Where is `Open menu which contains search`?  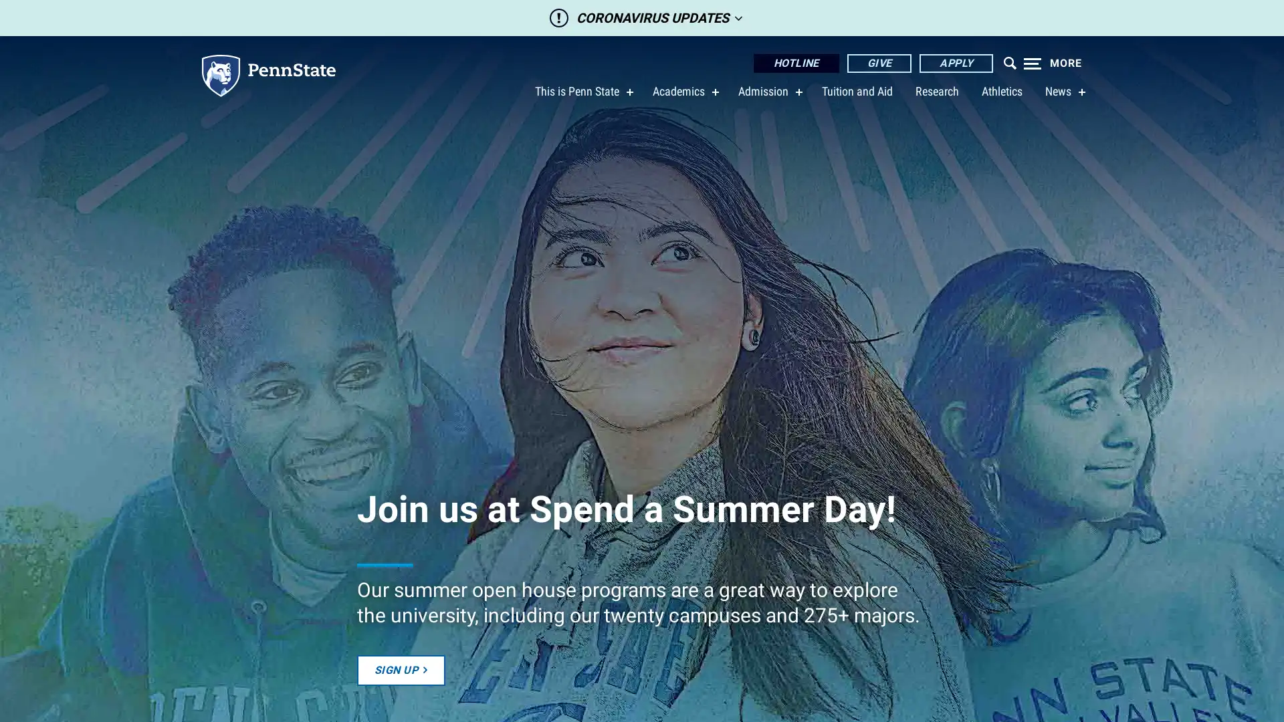
Open menu which contains search is located at coordinates (1010, 62).